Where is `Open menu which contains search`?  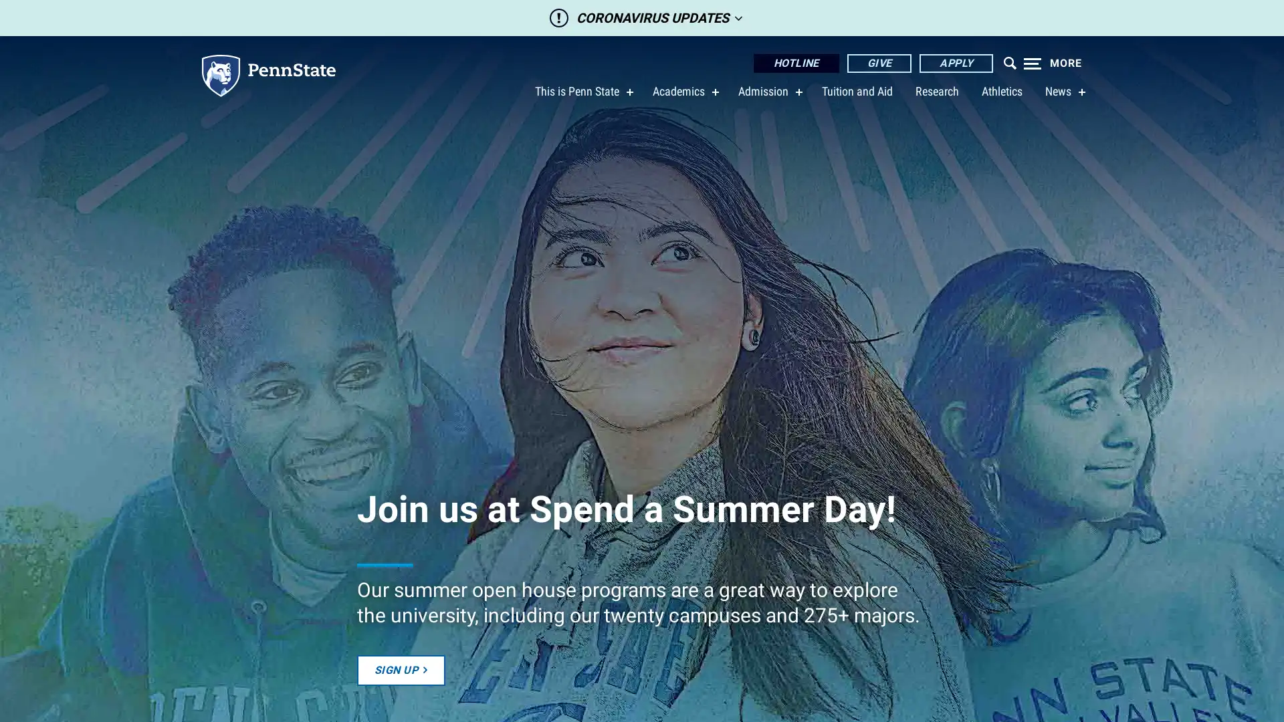
Open menu which contains search is located at coordinates (1010, 62).